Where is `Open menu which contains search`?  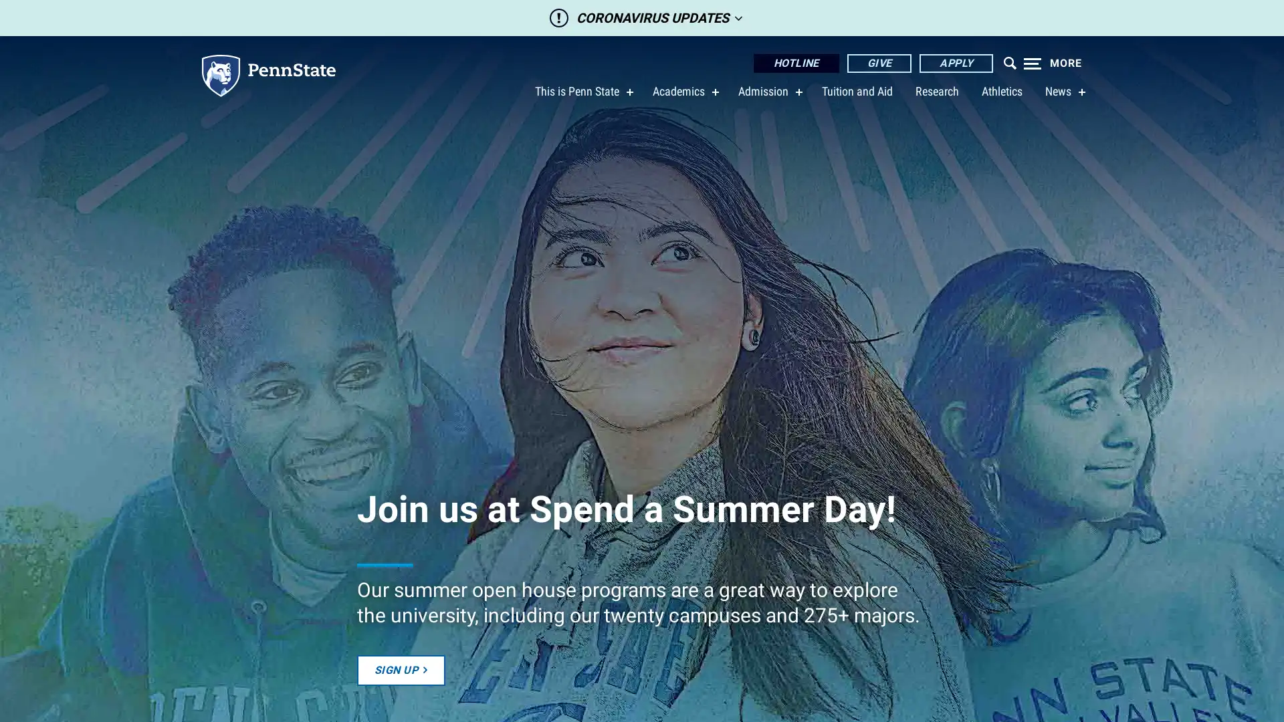
Open menu which contains search is located at coordinates (1010, 62).